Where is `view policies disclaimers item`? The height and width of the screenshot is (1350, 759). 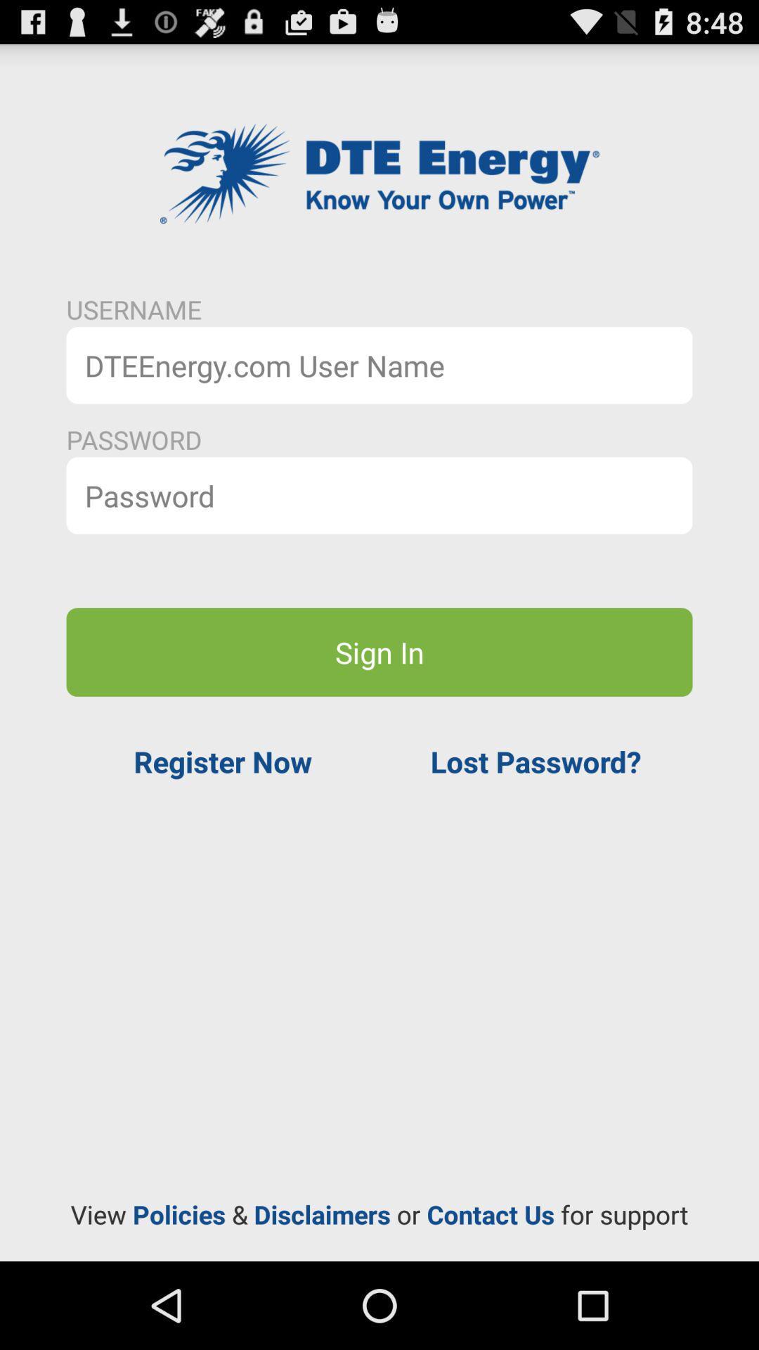 view policies disclaimers item is located at coordinates (379, 1214).